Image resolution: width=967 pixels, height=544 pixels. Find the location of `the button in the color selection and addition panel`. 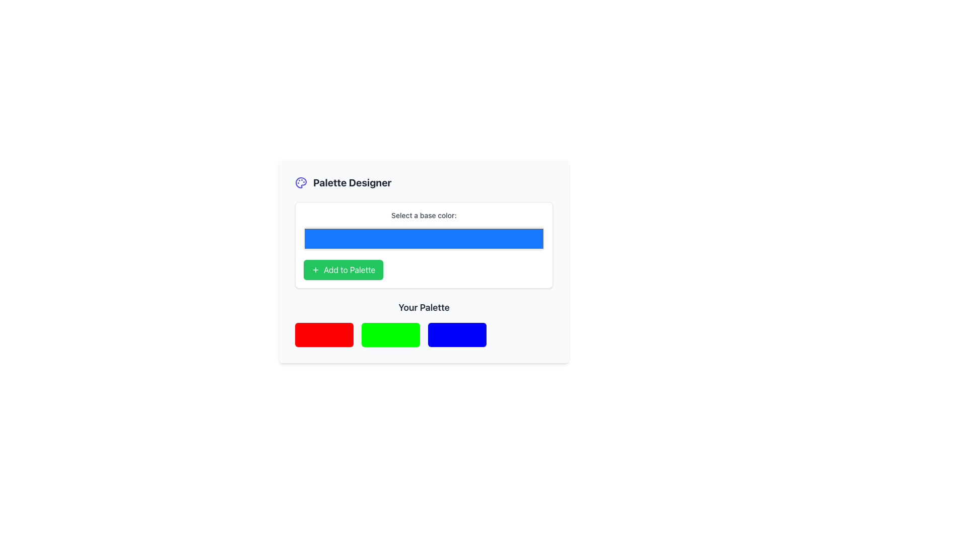

the button in the color selection and addition panel is located at coordinates (424, 245).